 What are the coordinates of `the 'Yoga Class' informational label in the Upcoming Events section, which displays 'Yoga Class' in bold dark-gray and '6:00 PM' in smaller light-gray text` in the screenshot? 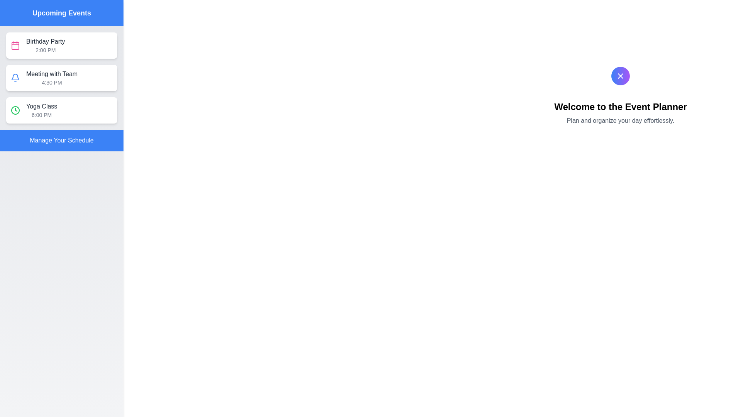 It's located at (41, 110).